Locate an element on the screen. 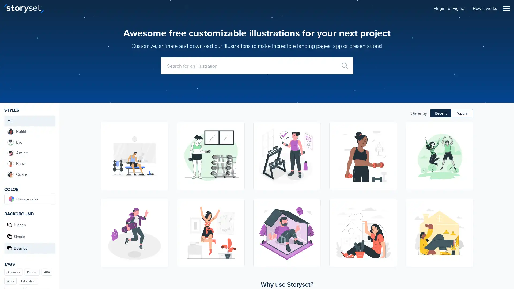 The image size is (514, 289). download icon Download is located at coordinates (161, 214).